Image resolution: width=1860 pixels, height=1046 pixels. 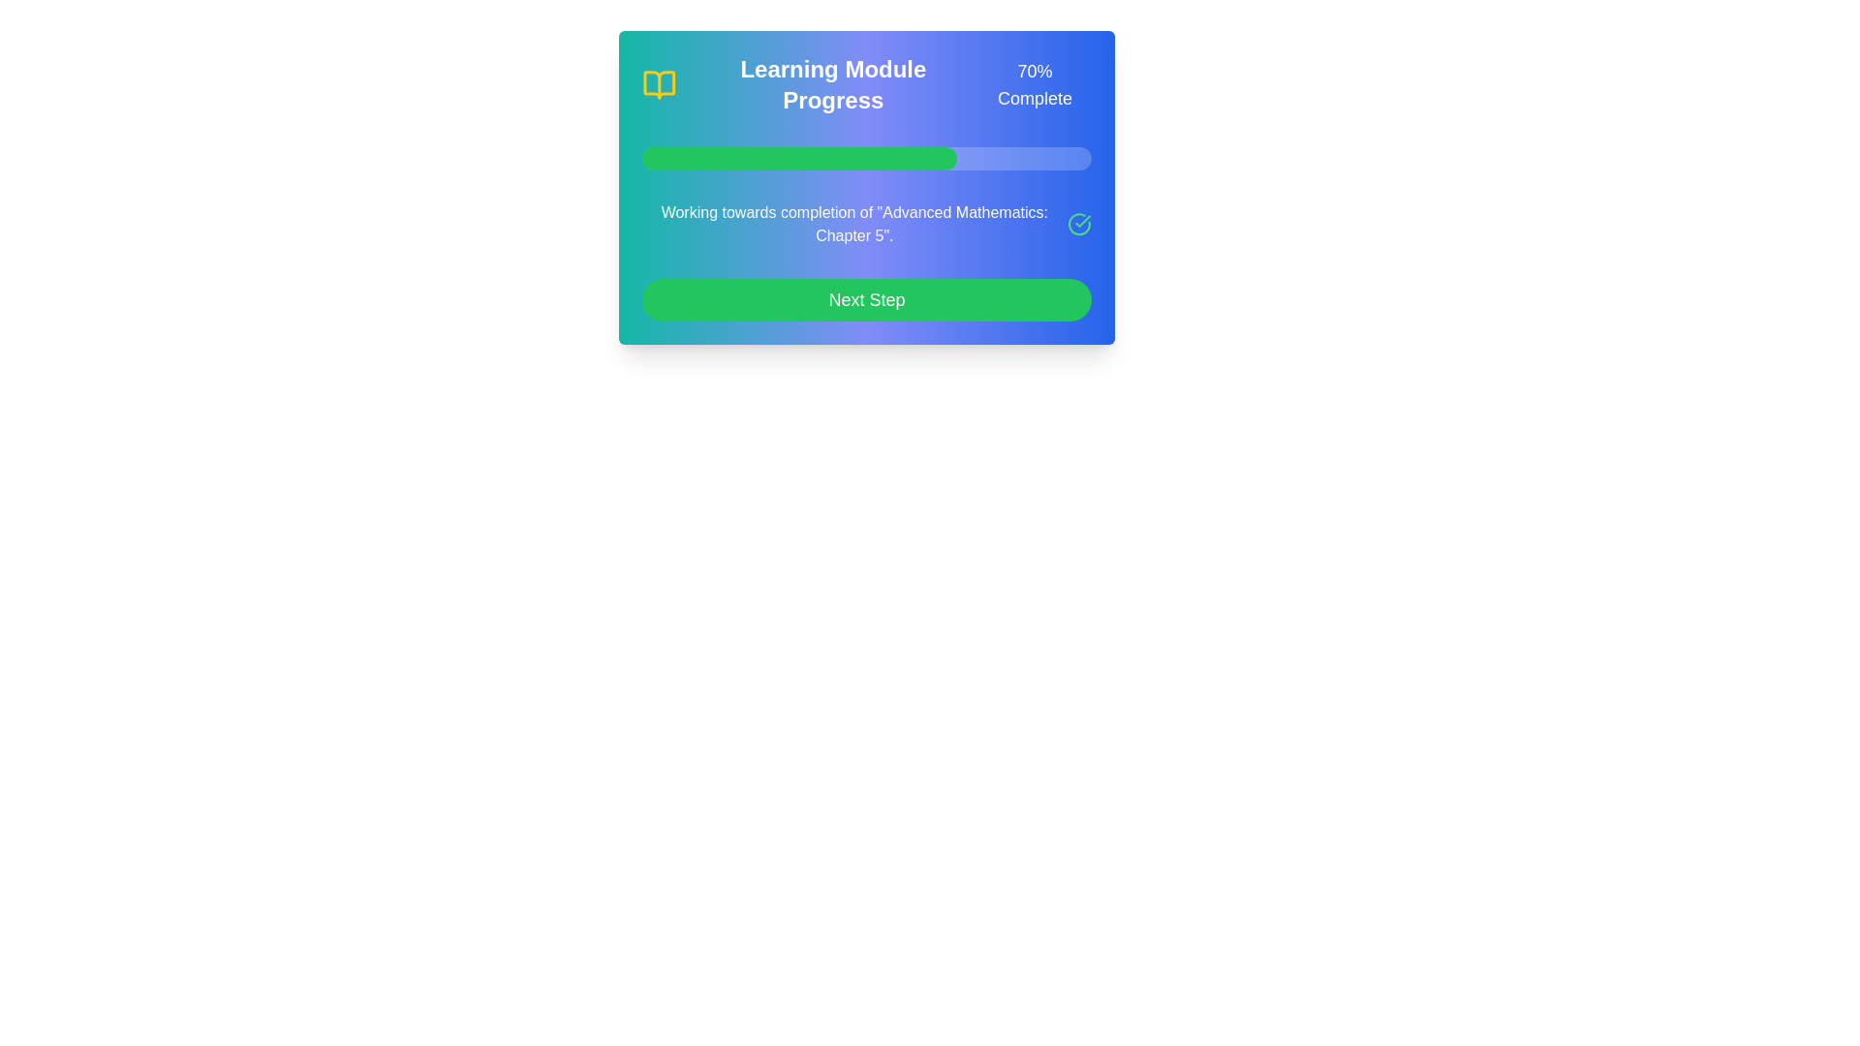 What do you see at coordinates (833, 84) in the screenshot?
I see `the text label that serves as the title for the module's progress overview section to interact with the surrounding elements` at bounding box center [833, 84].